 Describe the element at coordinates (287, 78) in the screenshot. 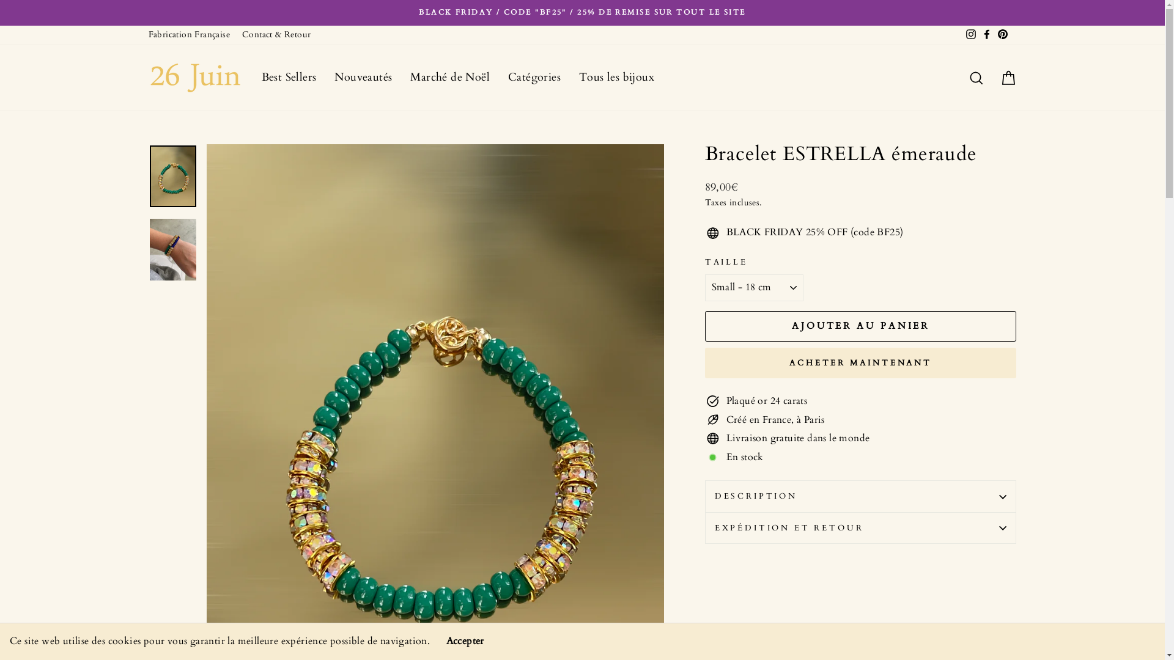

I see `'Best Sellers'` at that location.